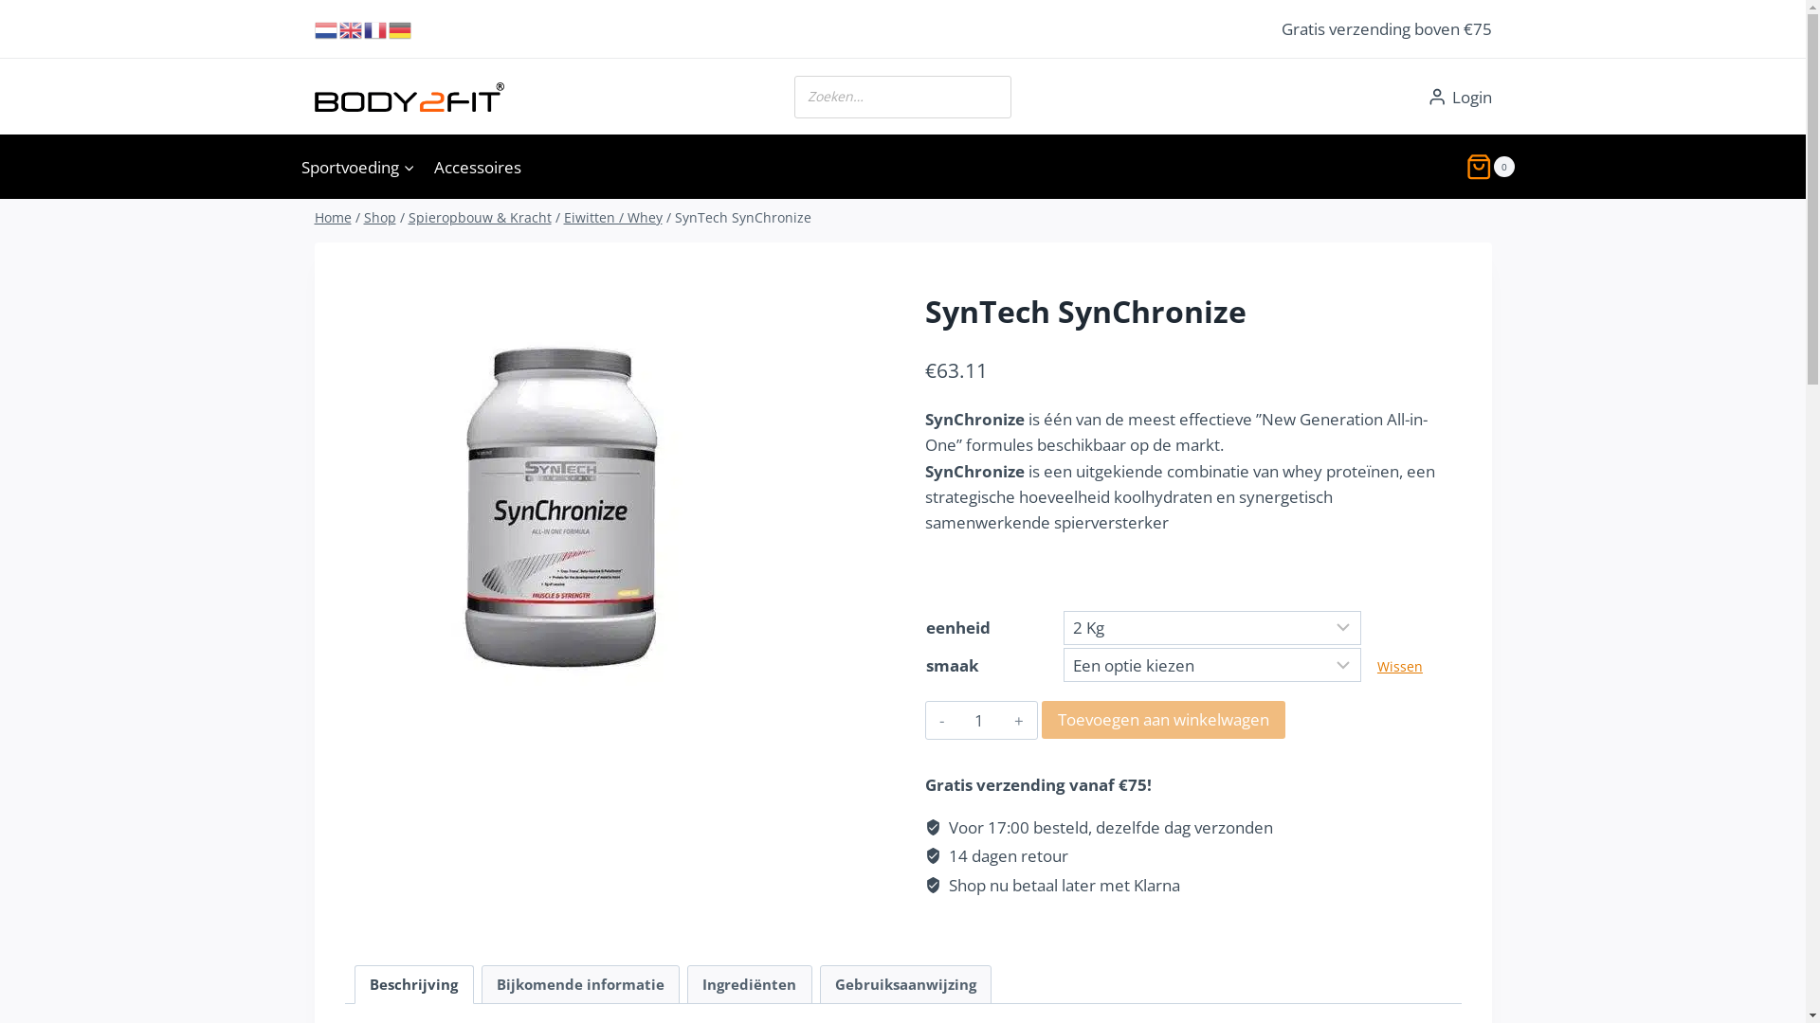 Image resolution: width=1820 pixels, height=1023 pixels. I want to click on 'Eiwitten / Whey', so click(612, 216).